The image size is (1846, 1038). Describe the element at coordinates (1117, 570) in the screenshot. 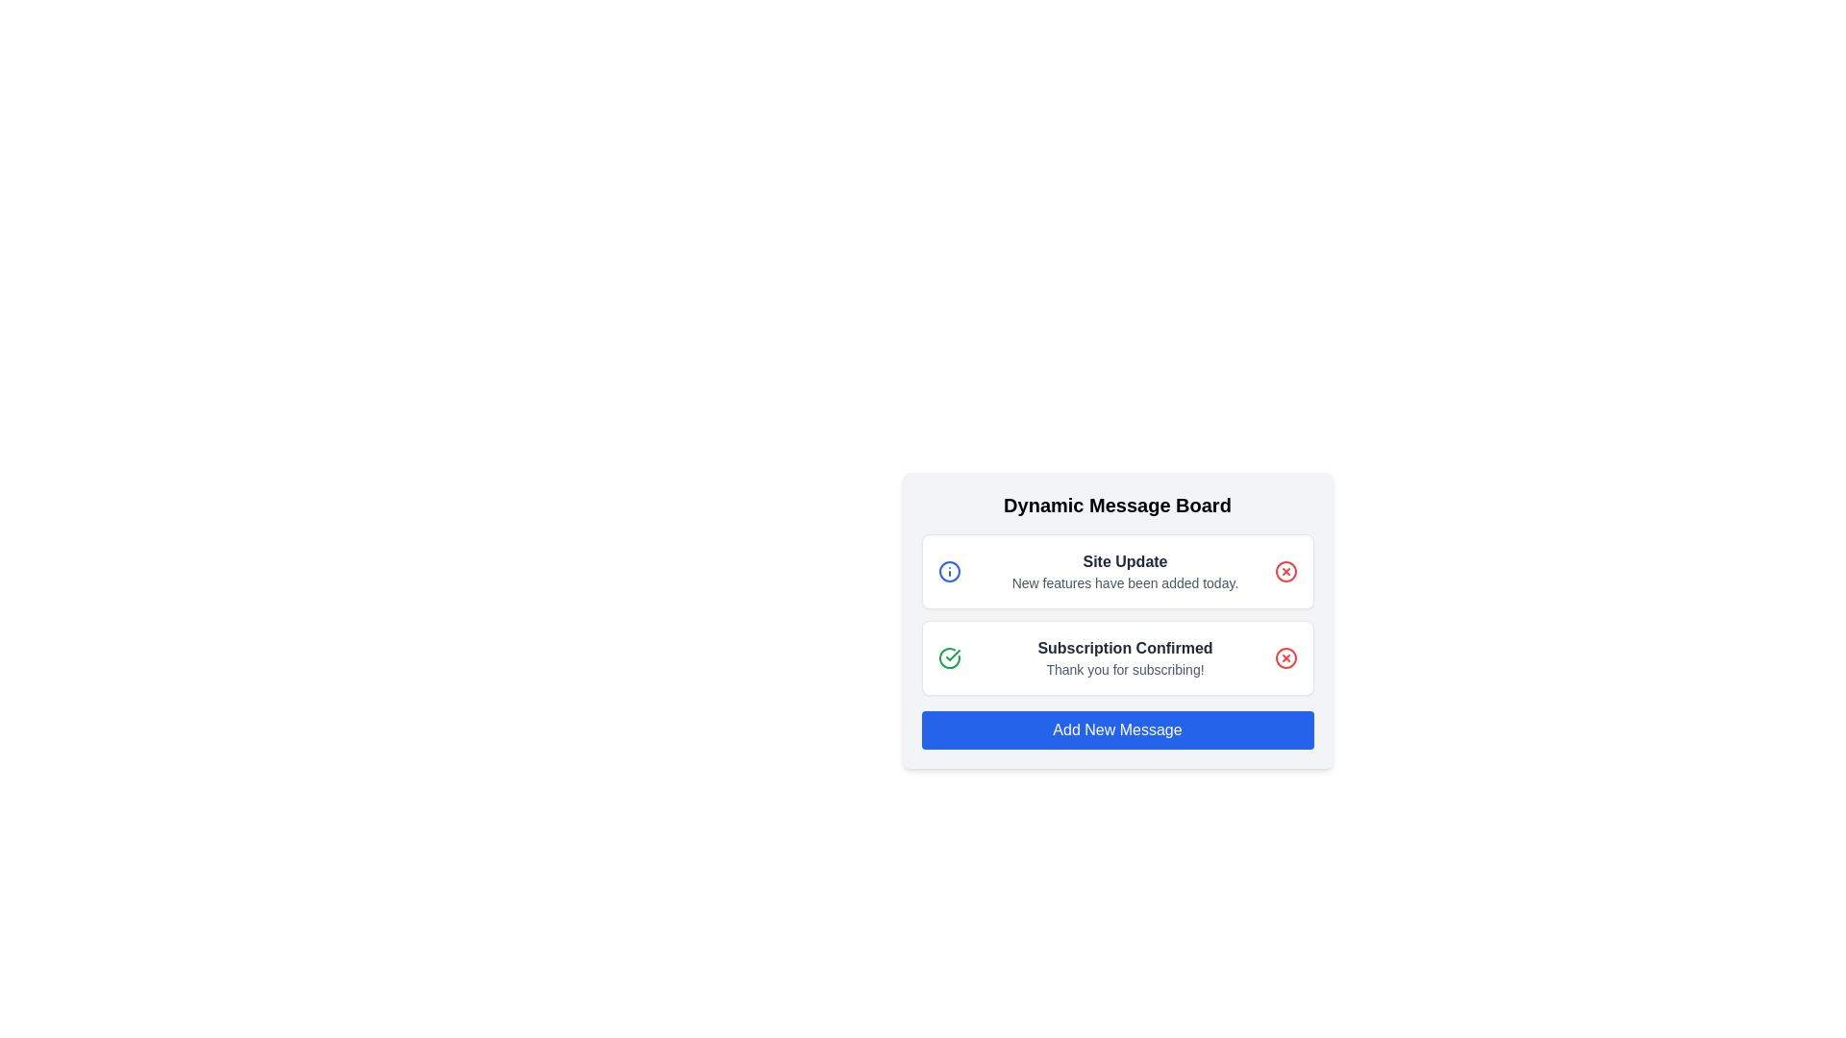

I see `the first notification box in the 'Dynamic Message Board', which provides updates about new features and includes a close button` at that location.